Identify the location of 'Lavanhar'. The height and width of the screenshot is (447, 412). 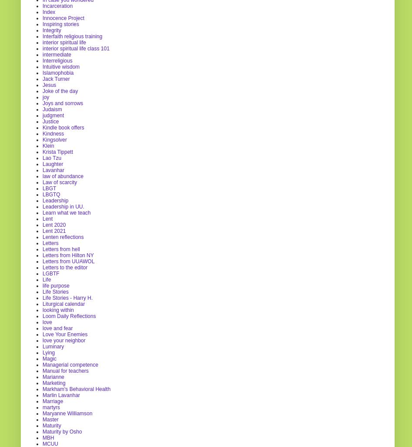
(53, 169).